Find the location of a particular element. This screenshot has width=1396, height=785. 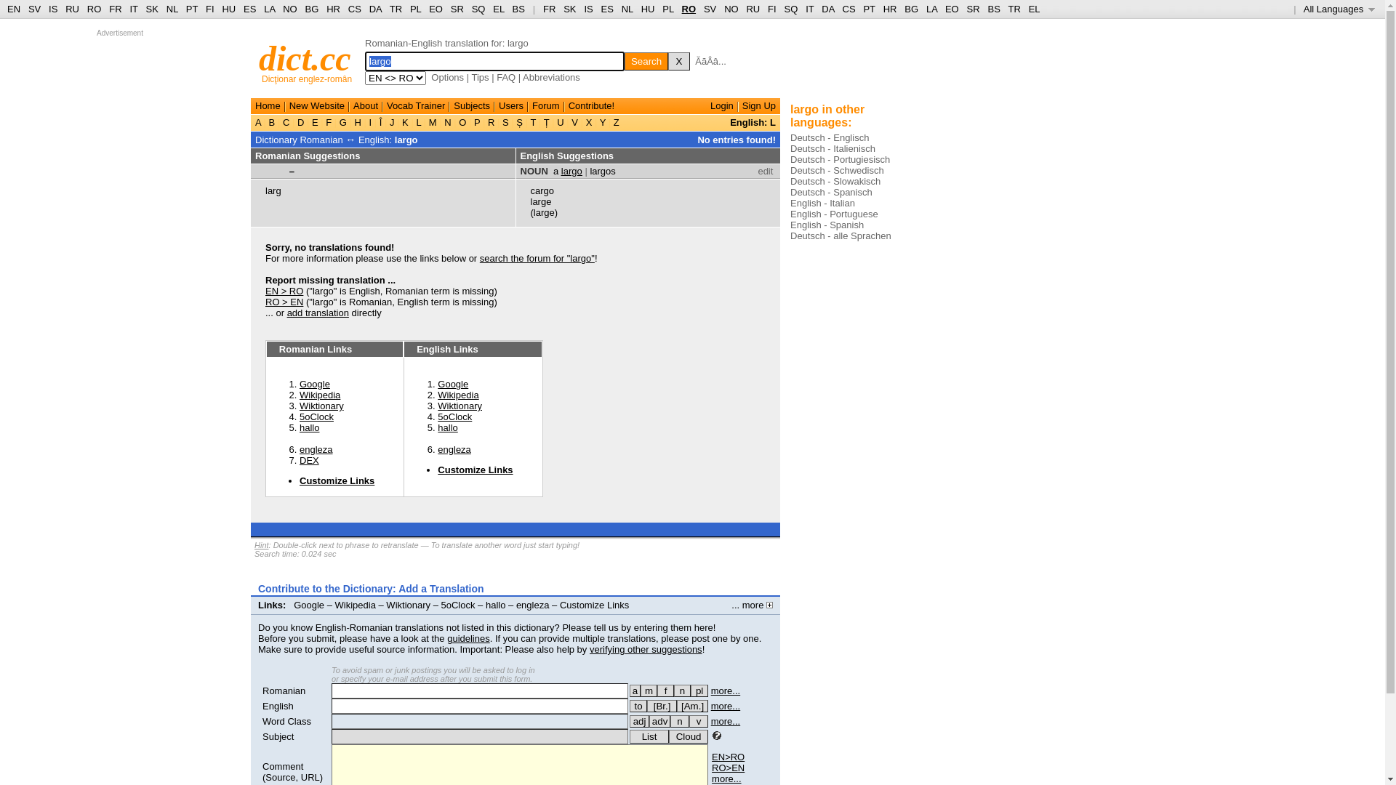

'dict.cc' is located at coordinates (258, 57).